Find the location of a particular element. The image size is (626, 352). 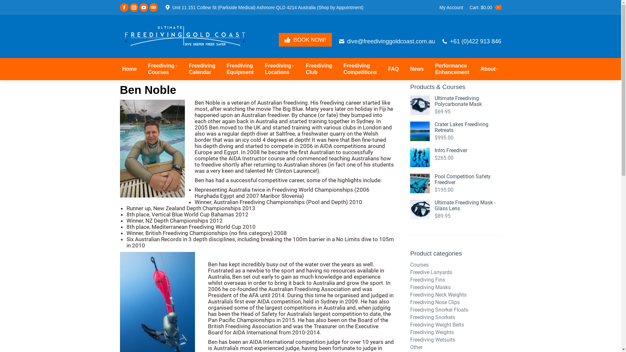

'Crater Lakes Freediving Retreats' is located at coordinates (468, 127).